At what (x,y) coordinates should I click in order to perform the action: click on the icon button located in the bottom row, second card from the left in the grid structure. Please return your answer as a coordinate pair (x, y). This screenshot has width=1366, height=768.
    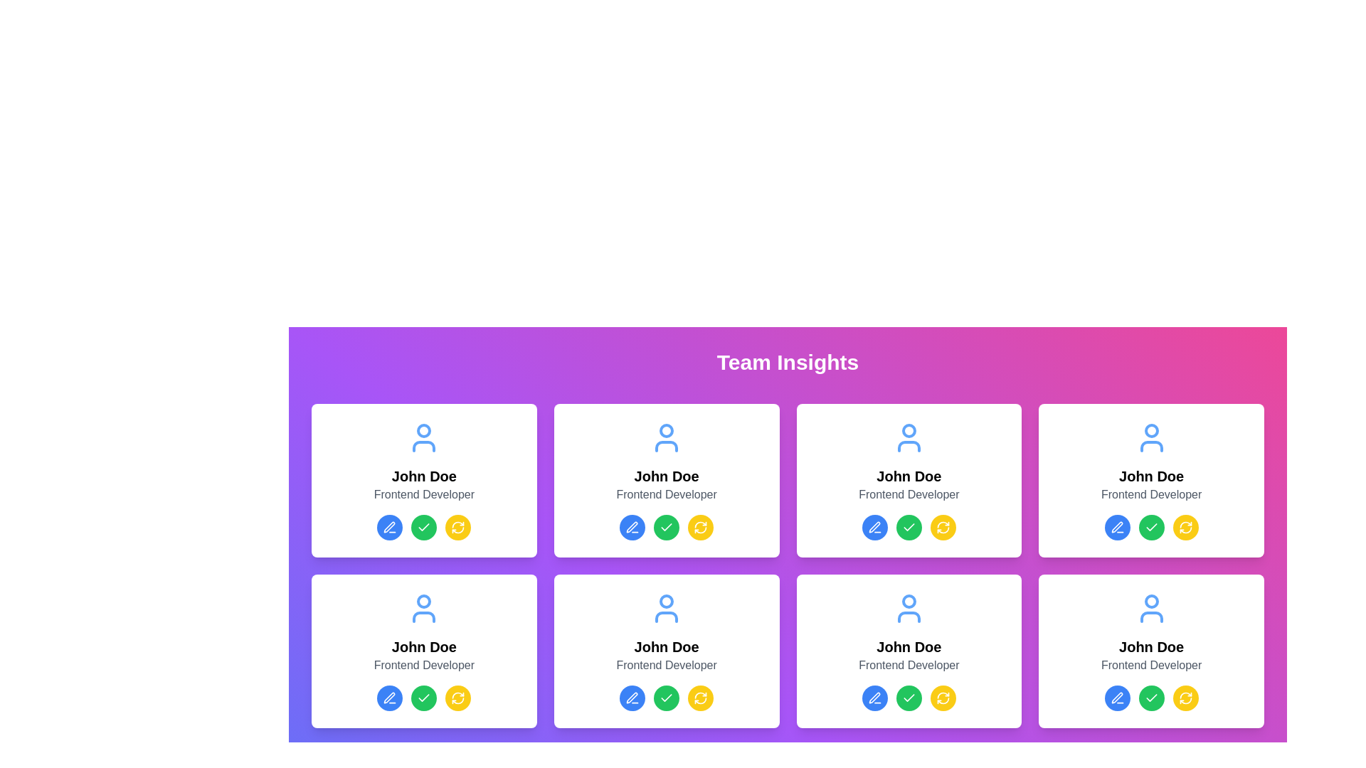
    Looking at the image, I should click on (458, 698).